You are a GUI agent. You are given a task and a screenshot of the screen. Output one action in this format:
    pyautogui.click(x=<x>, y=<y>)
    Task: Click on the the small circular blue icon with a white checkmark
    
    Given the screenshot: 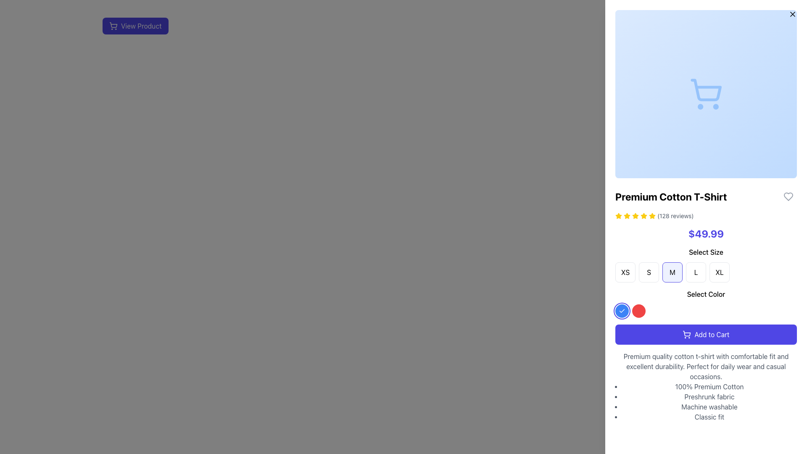 What is the action you would take?
    pyautogui.click(x=622, y=311)
    